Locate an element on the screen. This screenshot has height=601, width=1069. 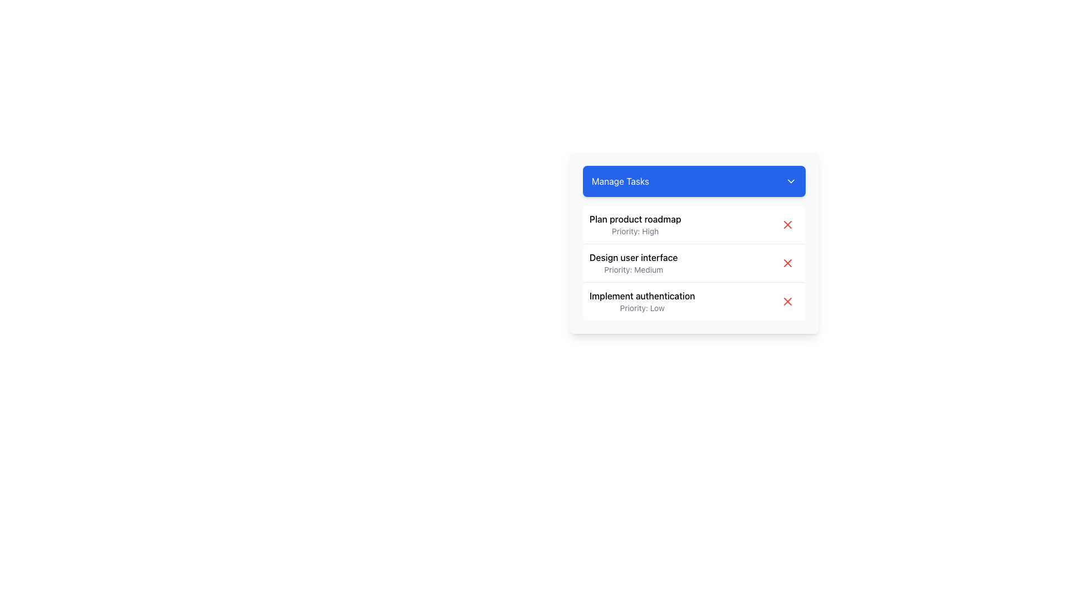
the first task entry displaying its title and priority level under the header 'Manage Tasks', which is located above the entries 'Design user interface' and 'Implement authentication' is located at coordinates (635, 225).